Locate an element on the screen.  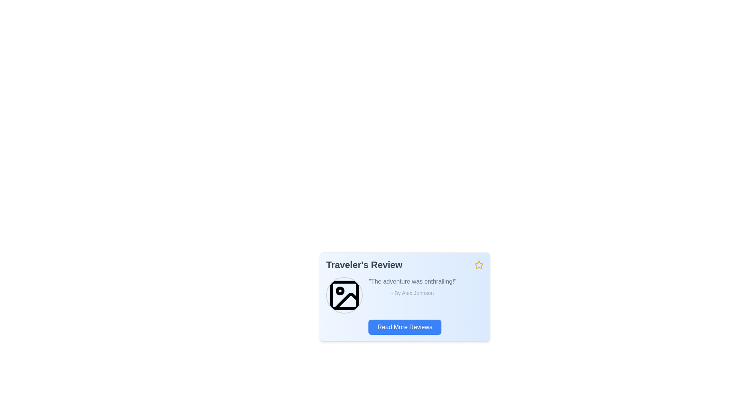
the prominent text label displaying 'Traveler's Review' in large, bold, dark gray font located at the upper-left corner of the card is located at coordinates (364, 265).